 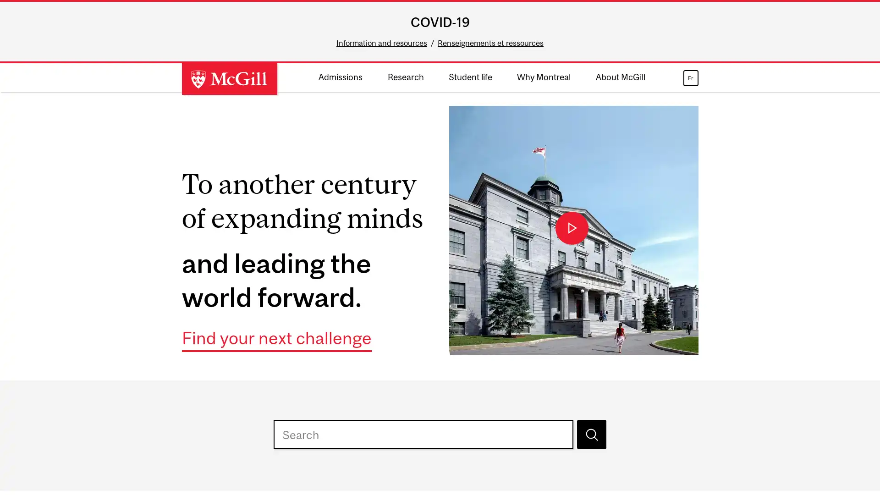 What do you see at coordinates (340, 77) in the screenshot?
I see `Admissions` at bounding box center [340, 77].